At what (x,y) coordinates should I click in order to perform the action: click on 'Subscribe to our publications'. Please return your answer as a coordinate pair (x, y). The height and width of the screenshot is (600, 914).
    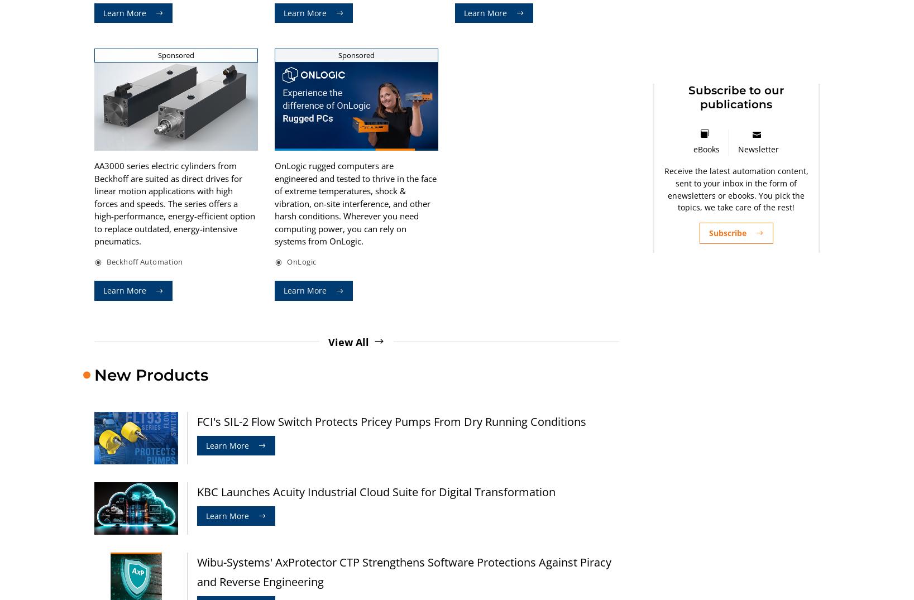
    Looking at the image, I should click on (735, 97).